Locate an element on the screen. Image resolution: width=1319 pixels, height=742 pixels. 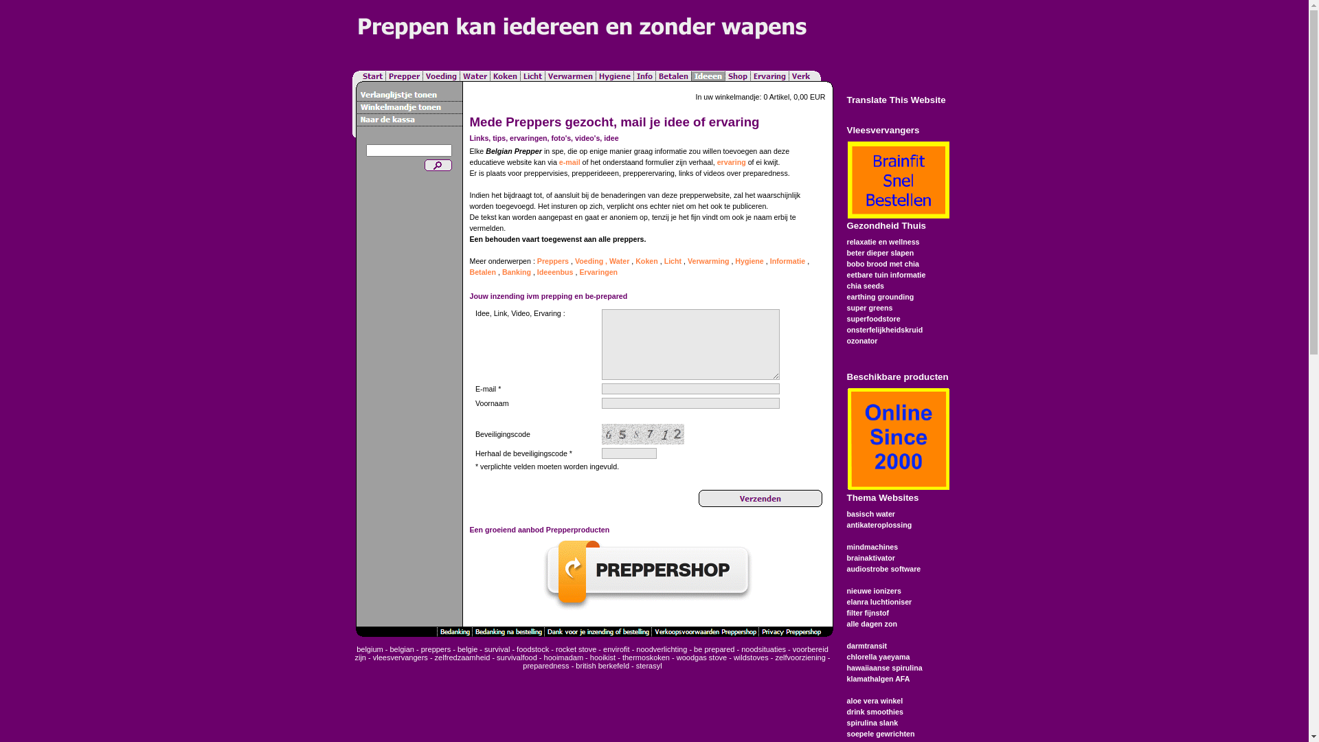
'bobo brood met chia' is located at coordinates (882, 264).